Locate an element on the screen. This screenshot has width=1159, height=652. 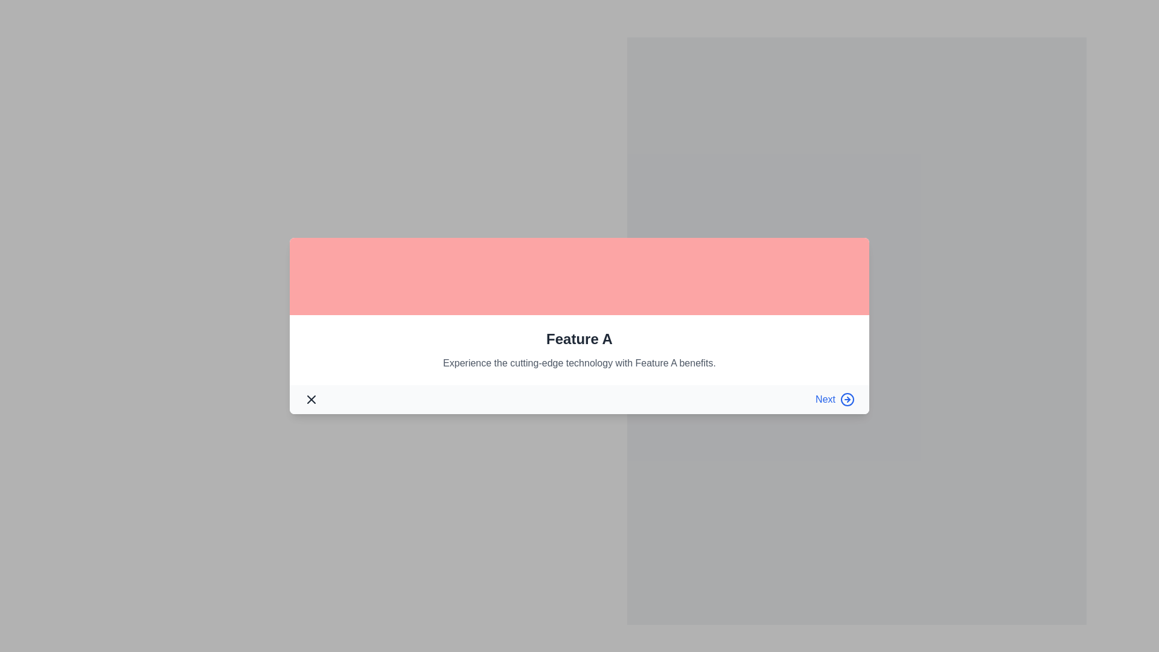
the descriptive text label located below the heading 'Feature A' within a white rectangular card is located at coordinates (579, 362).